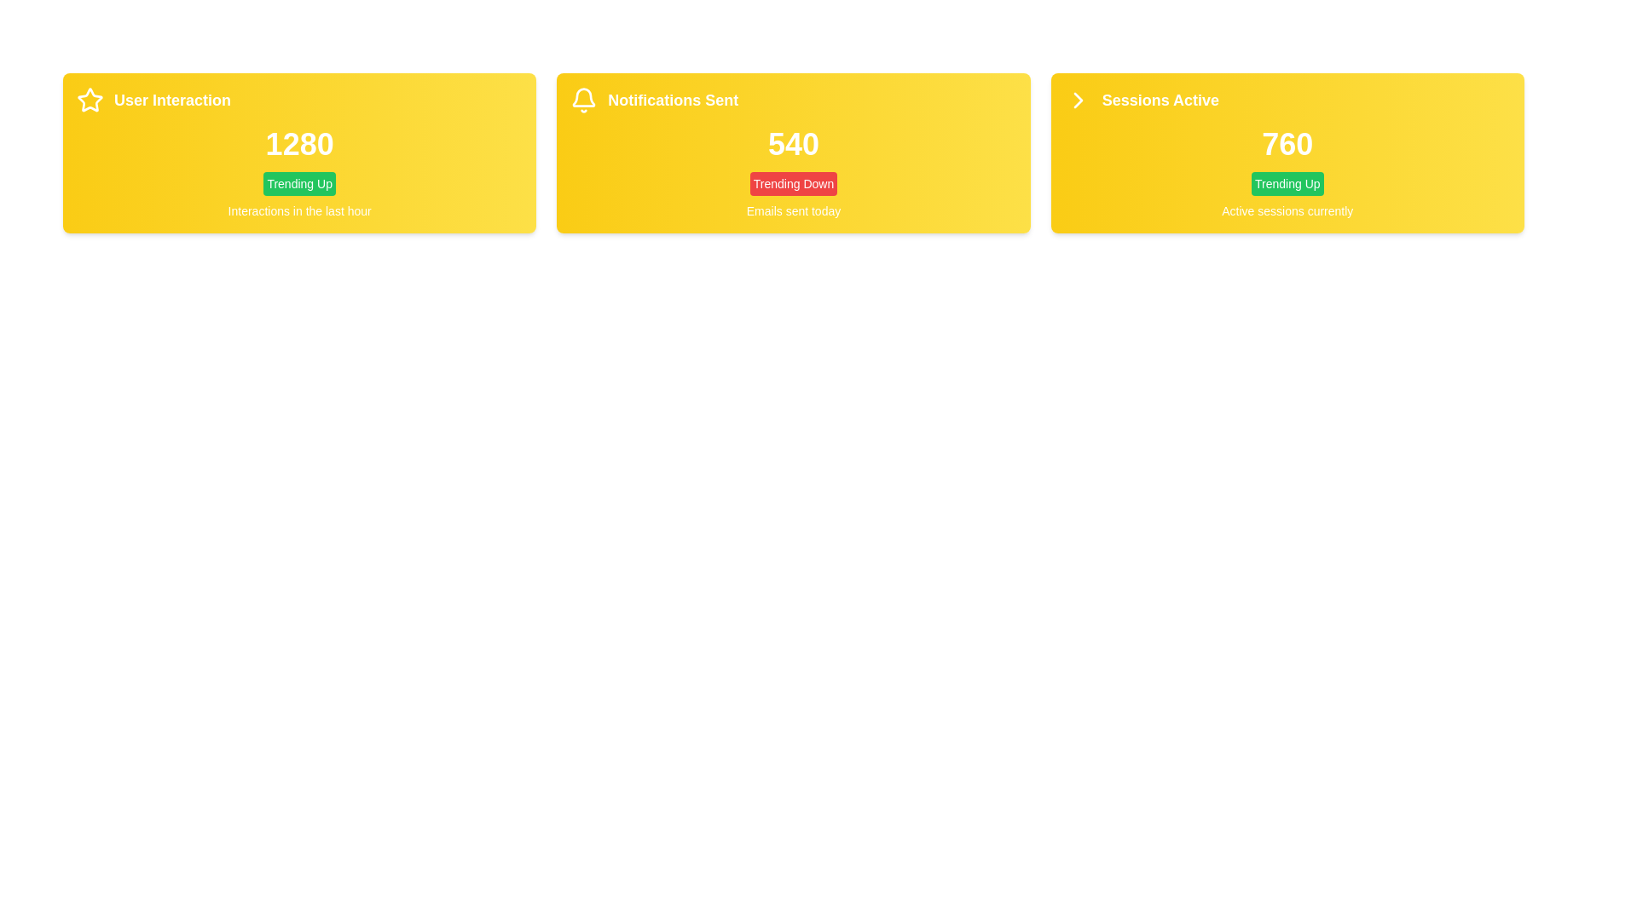 Image resolution: width=1637 pixels, height=920 pixels. I want to click on the right-facing chevron arrow icon, which is styled in white stroke color and located in the top-right corner of the third yellow card labeled 'Sessions Active', so click(1077, 101).